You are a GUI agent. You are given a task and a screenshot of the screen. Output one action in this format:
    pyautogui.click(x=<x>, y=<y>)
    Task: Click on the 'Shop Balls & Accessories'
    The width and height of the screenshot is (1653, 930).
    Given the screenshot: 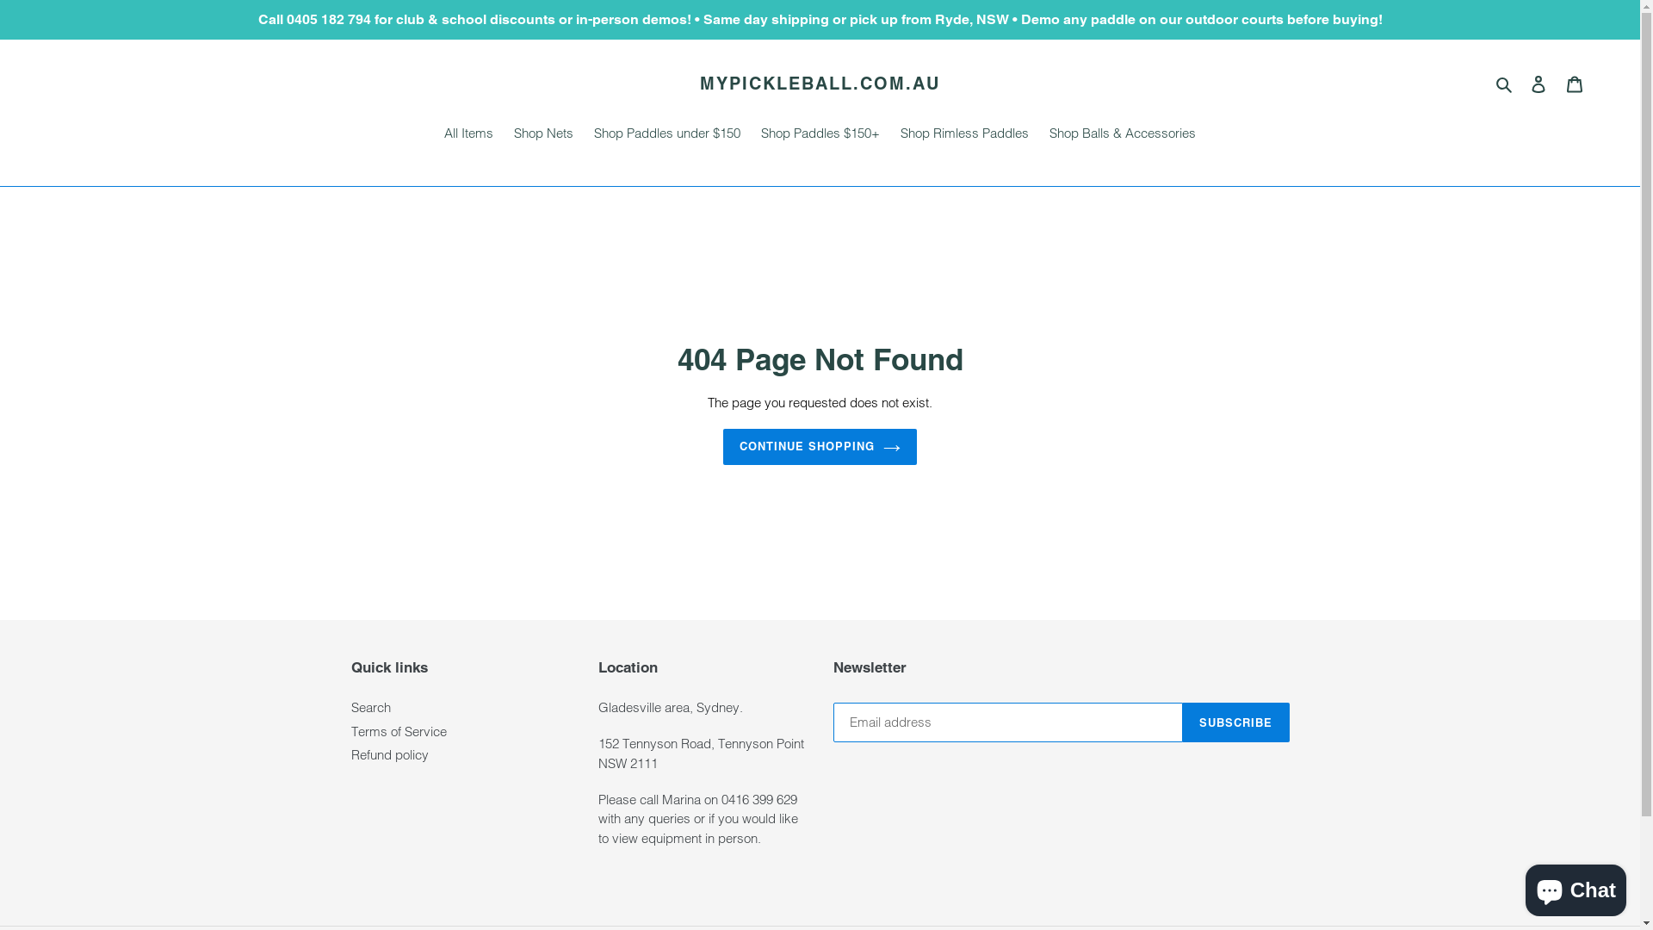 What is the action you would take?
    pyautogui.click(x=1123, y=134)
    